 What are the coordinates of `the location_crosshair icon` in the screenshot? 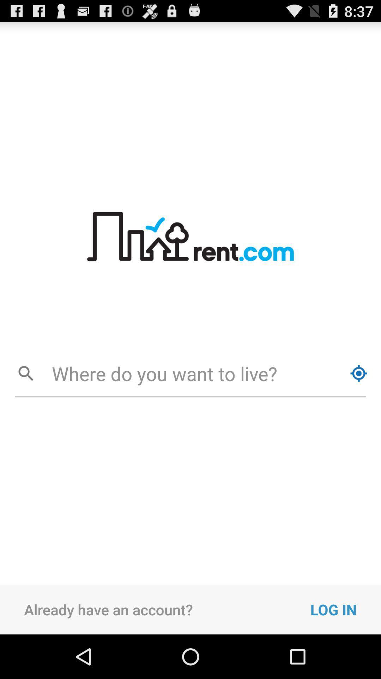 It's located at (359, 400).